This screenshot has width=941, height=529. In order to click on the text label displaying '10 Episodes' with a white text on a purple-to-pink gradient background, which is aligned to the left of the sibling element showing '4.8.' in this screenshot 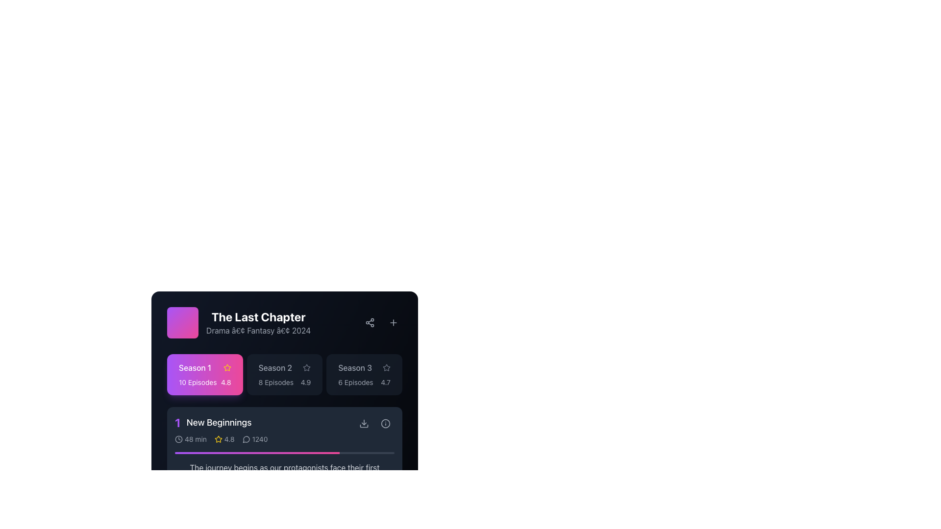, I will do `click(197, 382)`.